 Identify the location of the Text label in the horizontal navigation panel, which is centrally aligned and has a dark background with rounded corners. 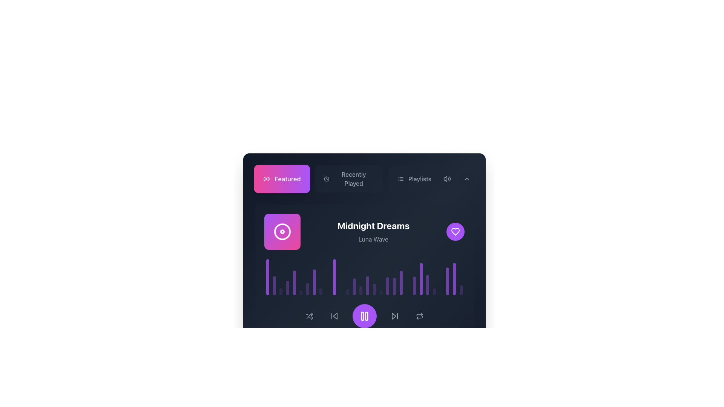
(419, 179).